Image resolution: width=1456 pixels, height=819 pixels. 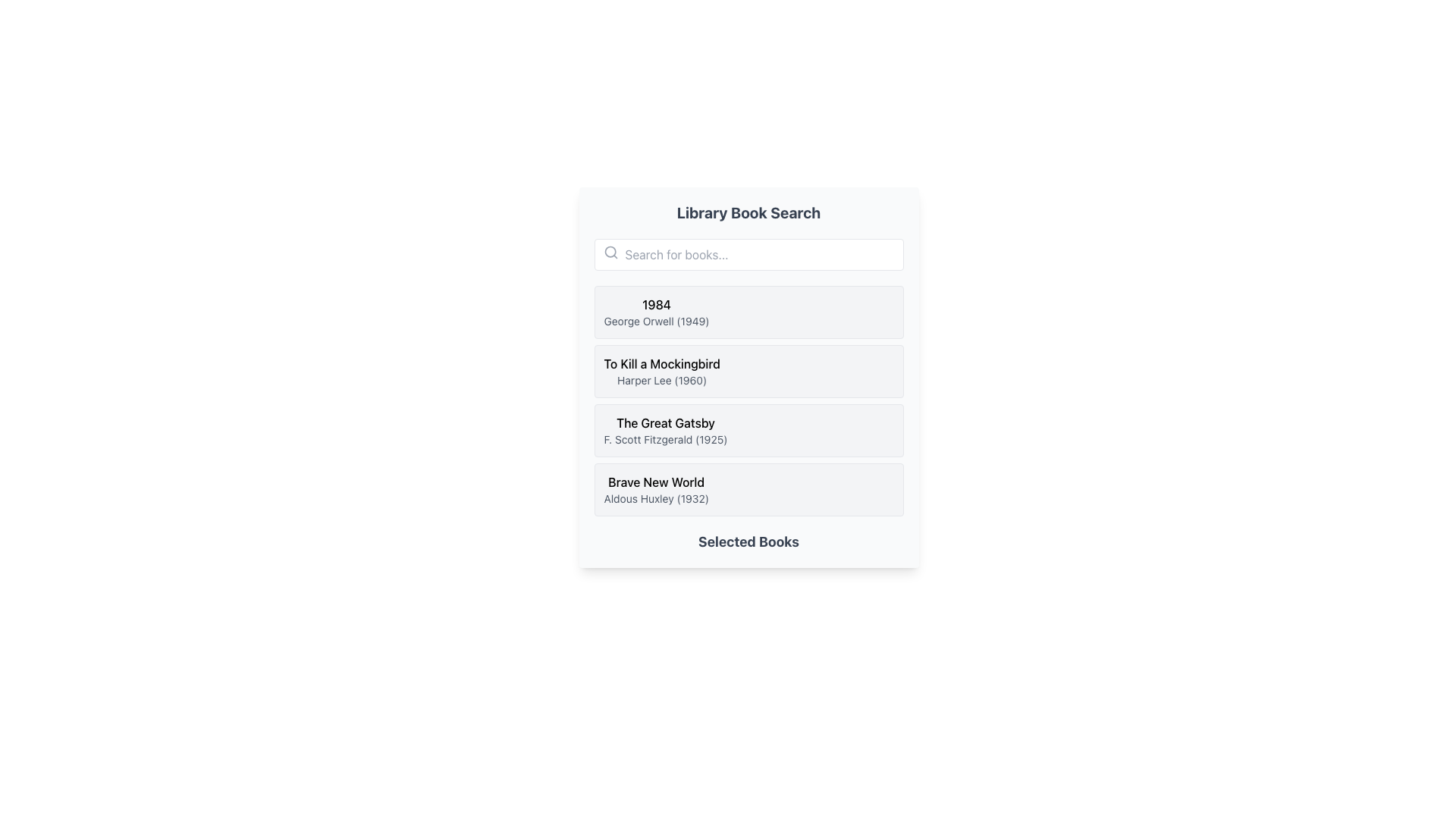 What do you see at coordinates (657, 321) in the screenshot?
I see `the secondary text element that provides the author and publication year details for the book '1984', located directly below the title in the book list` at bounding box center [657, 321].